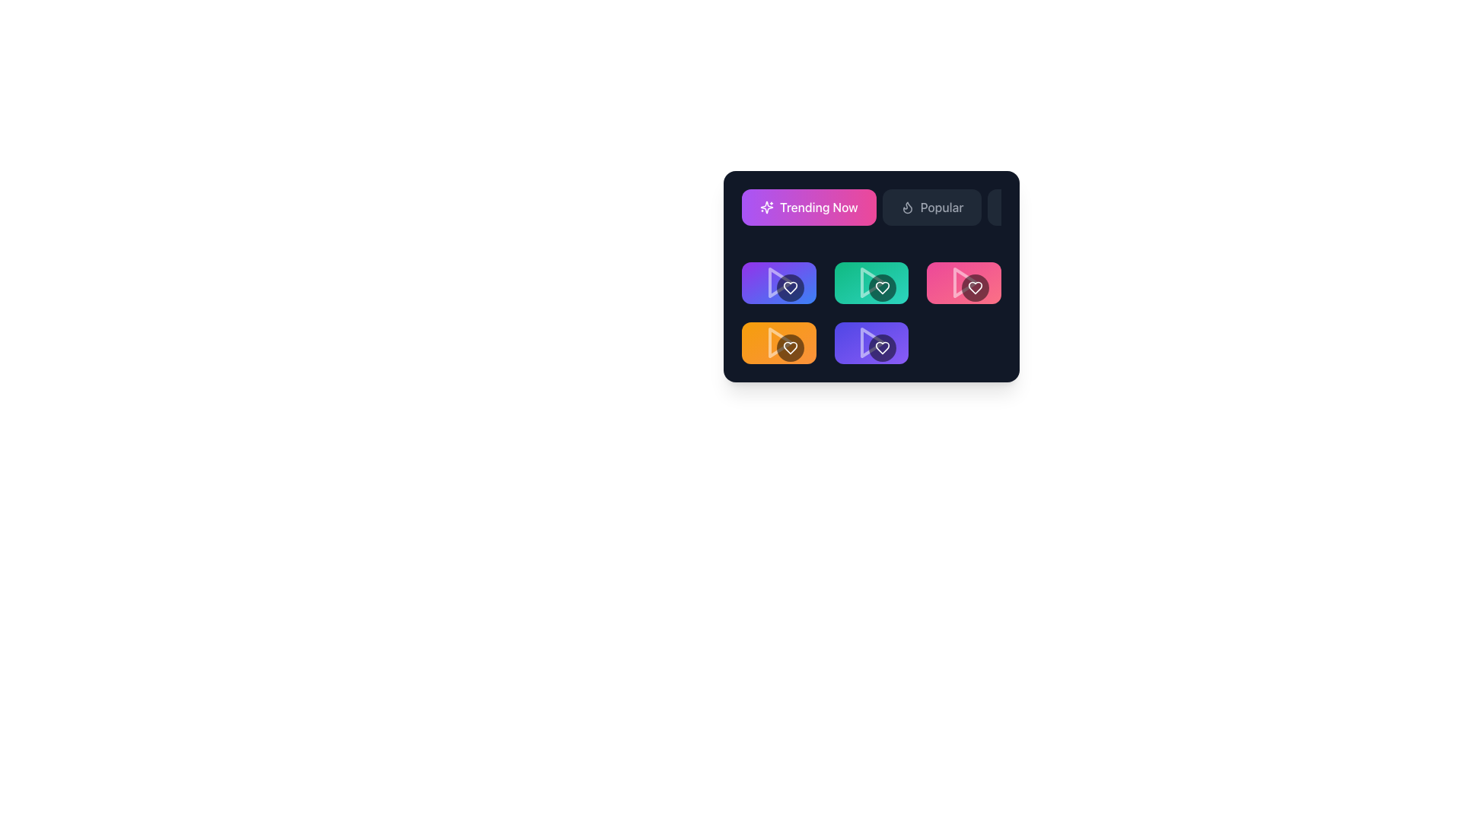  Describe the element at coordinates (883, 347) in the screenshot. I see `the heart icon in the sixth card under the 'Trending Now' section to indicate a 'like' or 'favorite' action` at that location.